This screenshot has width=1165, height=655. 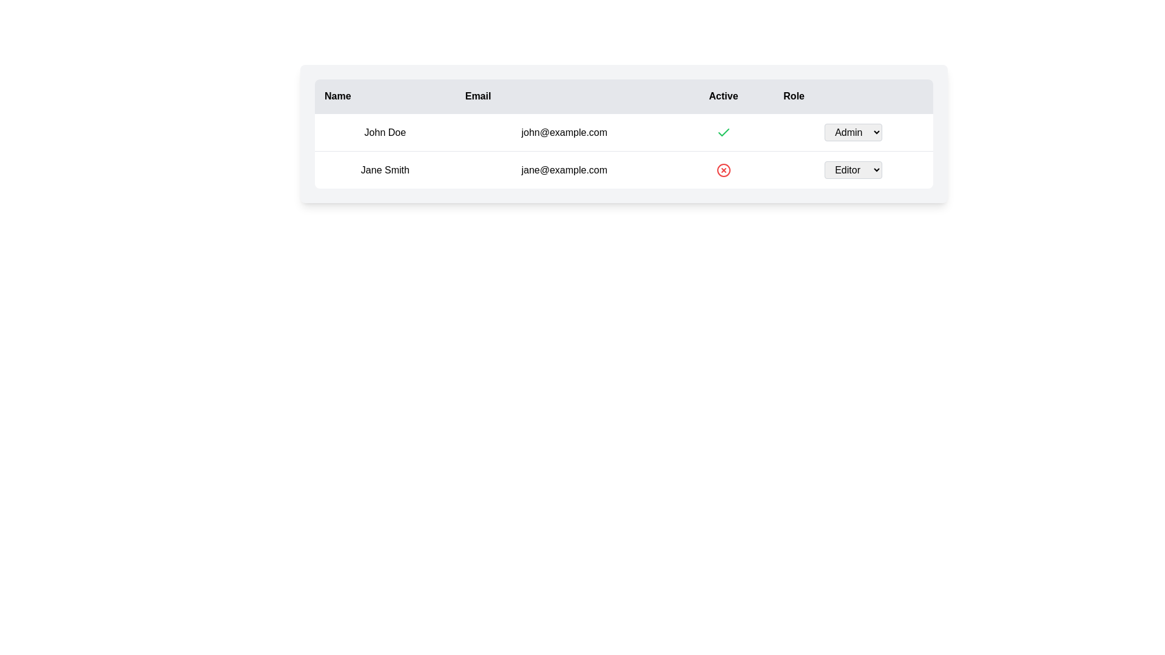 What do you see at coordinates (853, 170) in the screenshot?
I see `the 'Editor' dropdown menu button located in the 'Role' column of the second row of the table` at bounding box center [853, 170].